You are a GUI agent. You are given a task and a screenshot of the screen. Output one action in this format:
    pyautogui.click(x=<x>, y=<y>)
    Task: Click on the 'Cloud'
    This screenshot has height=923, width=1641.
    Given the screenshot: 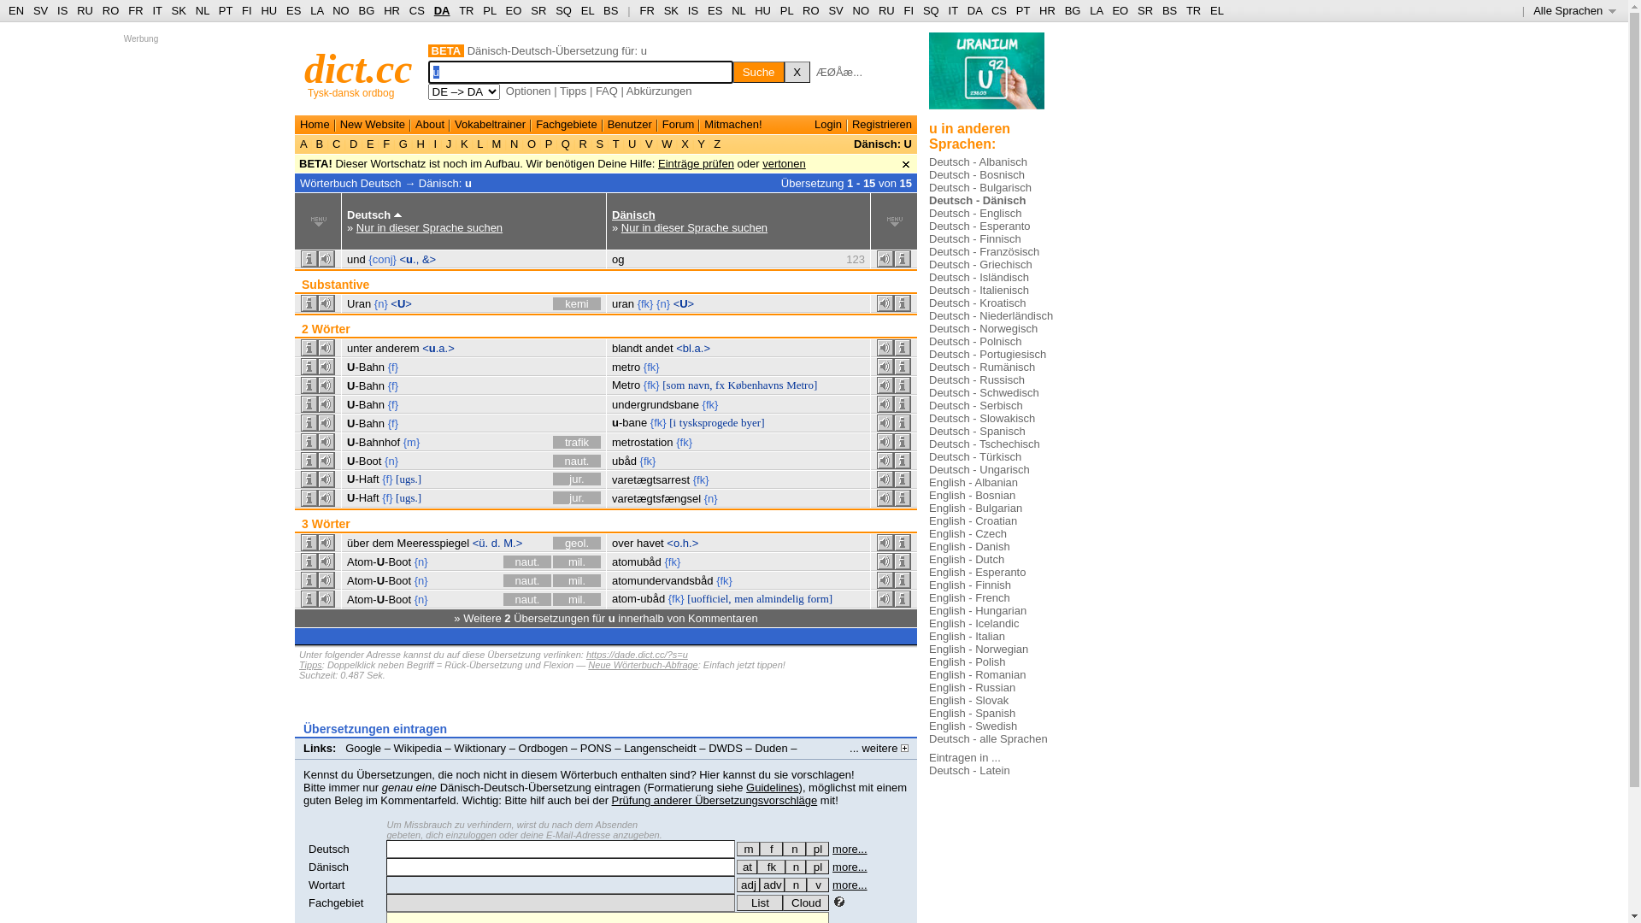 What is the action you would take?
    pyautogui.click(x=804, y=902)
    